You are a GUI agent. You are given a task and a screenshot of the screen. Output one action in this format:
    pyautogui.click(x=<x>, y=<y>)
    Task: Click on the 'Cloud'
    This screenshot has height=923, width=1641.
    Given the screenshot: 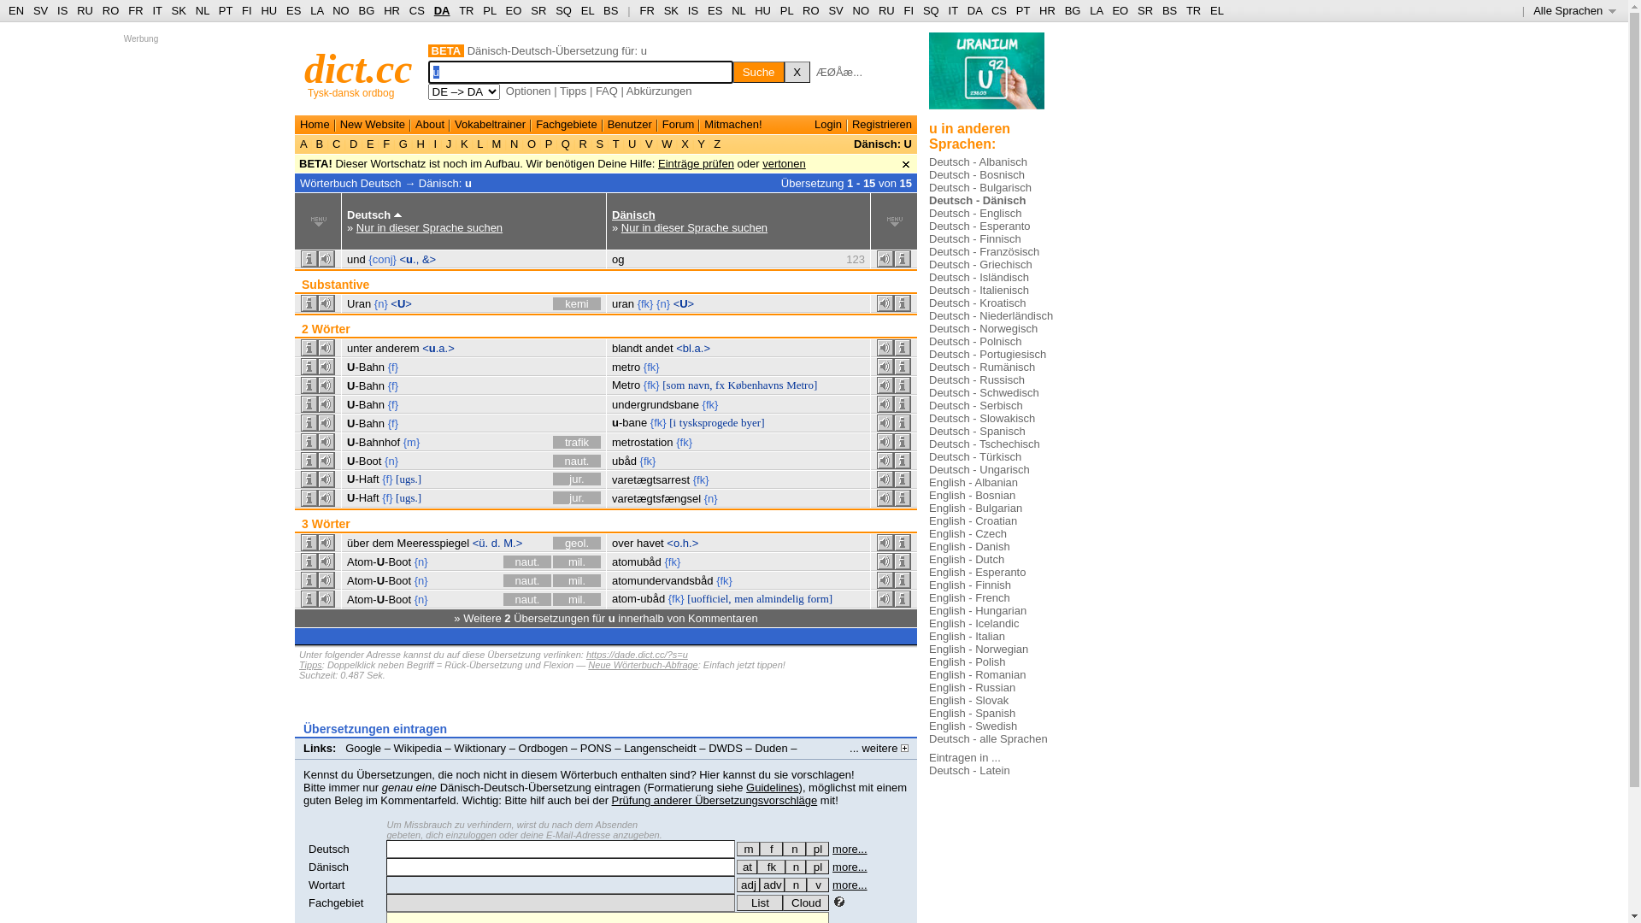 What is the action you would take?
    pyautogui.click(x=804, y=902)
    